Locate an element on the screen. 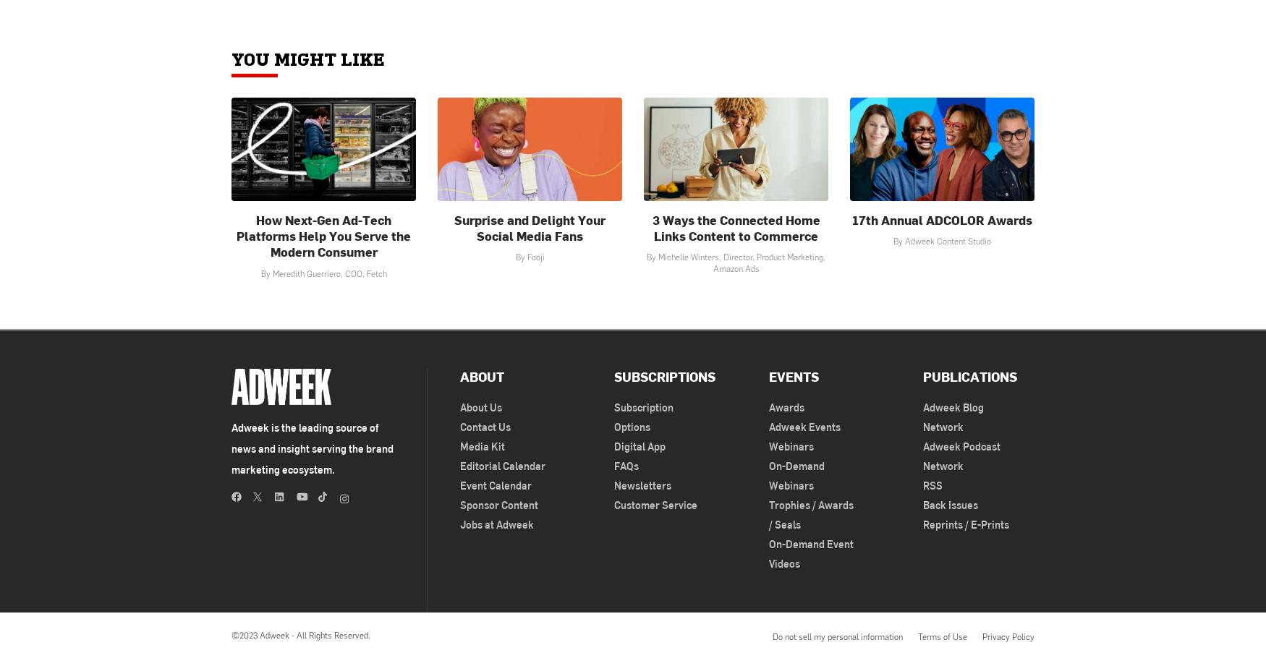  'FAQs' is located at coordinates (613, 465).